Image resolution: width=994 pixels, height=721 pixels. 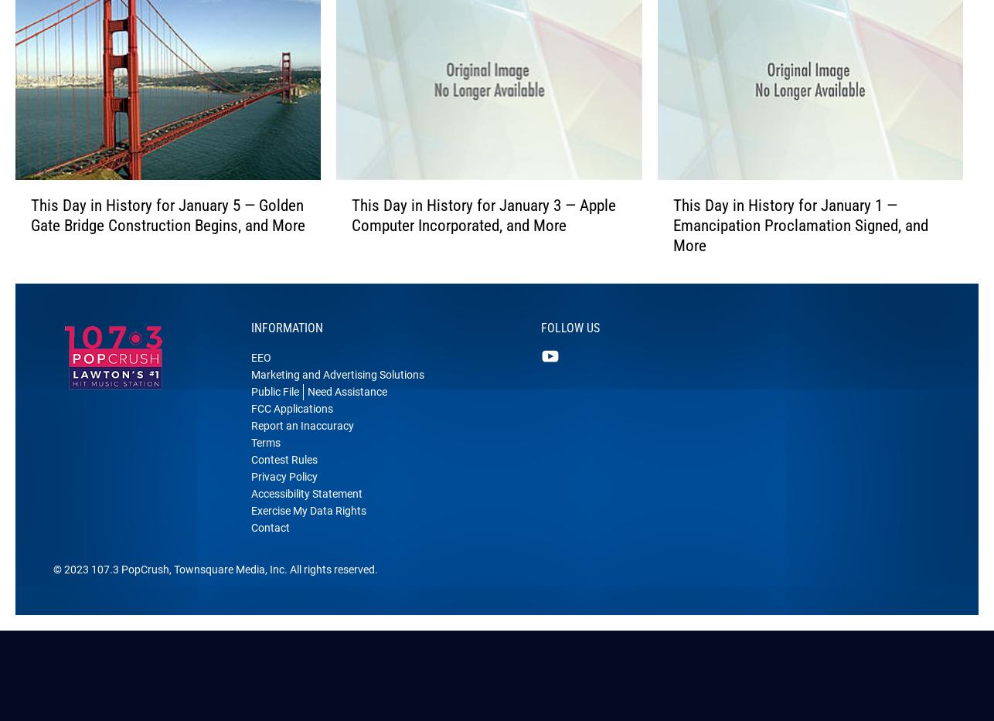 What do you see at coordinates (284, 483) in the screenshot?
I see `'Contest Rules'` at bounding box center [284, 483].